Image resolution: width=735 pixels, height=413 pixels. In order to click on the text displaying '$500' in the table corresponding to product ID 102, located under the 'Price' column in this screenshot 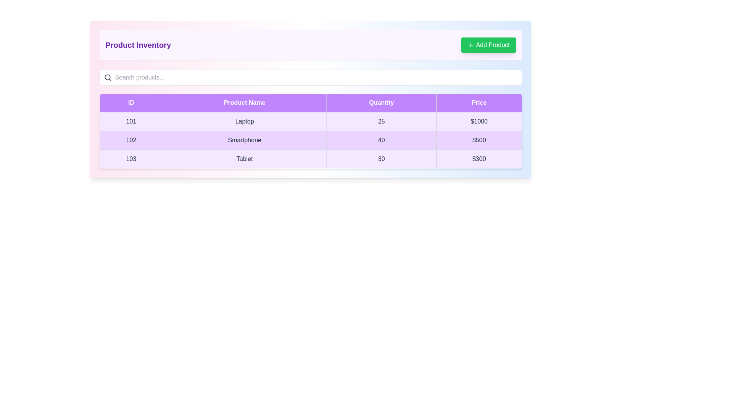, I will do `click(479, 140)`.